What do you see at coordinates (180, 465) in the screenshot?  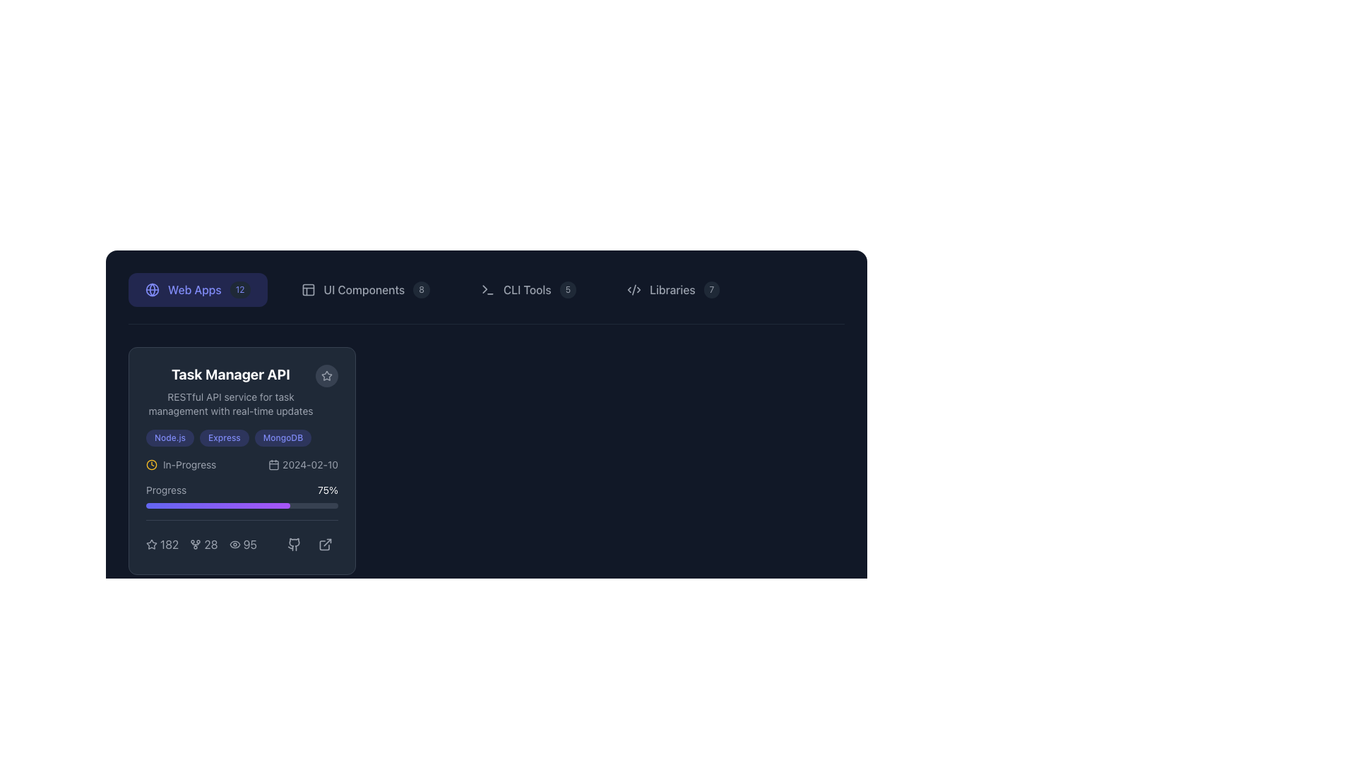 I see `text 'in-progress' from the labeled icon and text pair located in the top-left section of the 'Task Manager API' card` at bounding box center [180, 465].